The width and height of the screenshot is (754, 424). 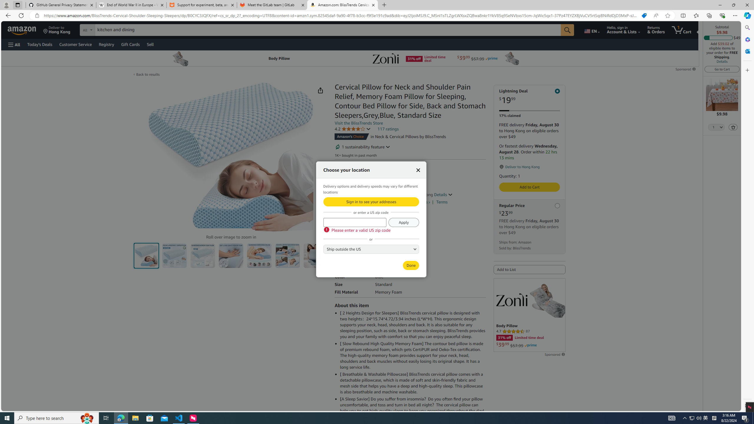 What do you see at coordinates (131, 5) in the screenshot?
I see `'End of World War II in Europe - Wikipedia'` at bounding box center [131, 5].